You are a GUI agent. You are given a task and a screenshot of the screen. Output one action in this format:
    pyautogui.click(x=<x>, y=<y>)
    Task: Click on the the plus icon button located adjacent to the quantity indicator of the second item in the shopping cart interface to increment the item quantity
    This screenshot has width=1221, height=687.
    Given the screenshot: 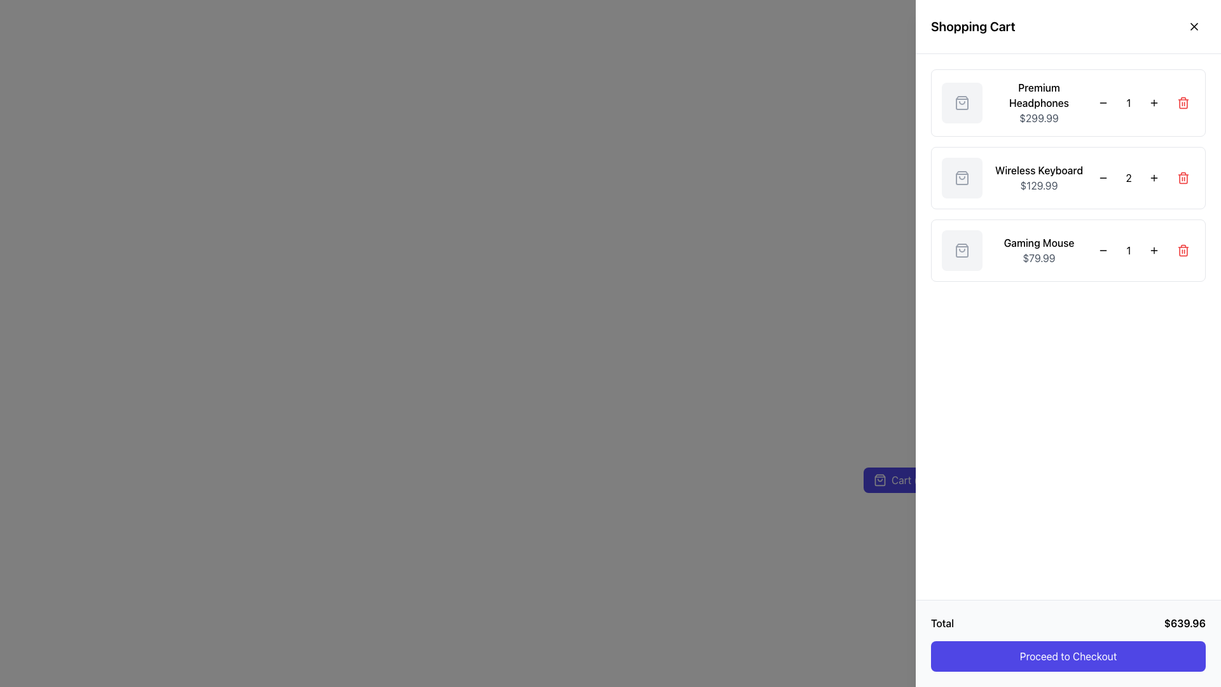 What is the action you would take?
    pyautogui.click(x=1154, y=178)
    